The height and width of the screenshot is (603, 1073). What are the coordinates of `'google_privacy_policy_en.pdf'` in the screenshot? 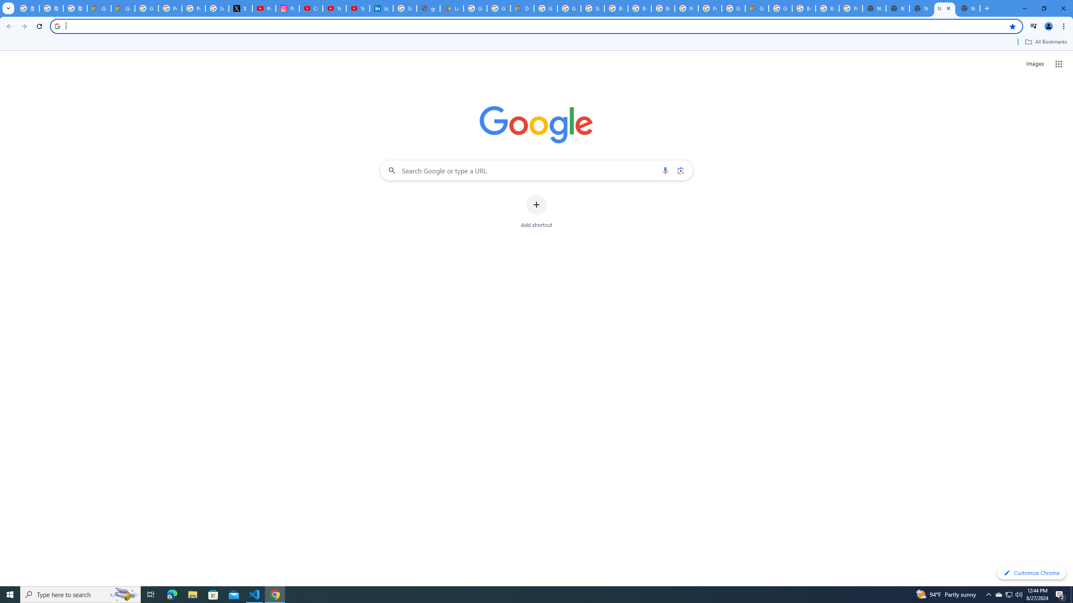 It's located at (428, 8).